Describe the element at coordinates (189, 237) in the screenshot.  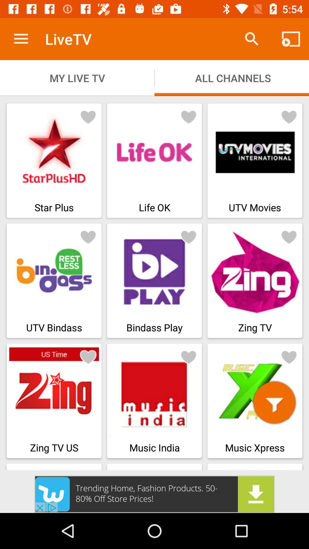
I see `like page` at that location.